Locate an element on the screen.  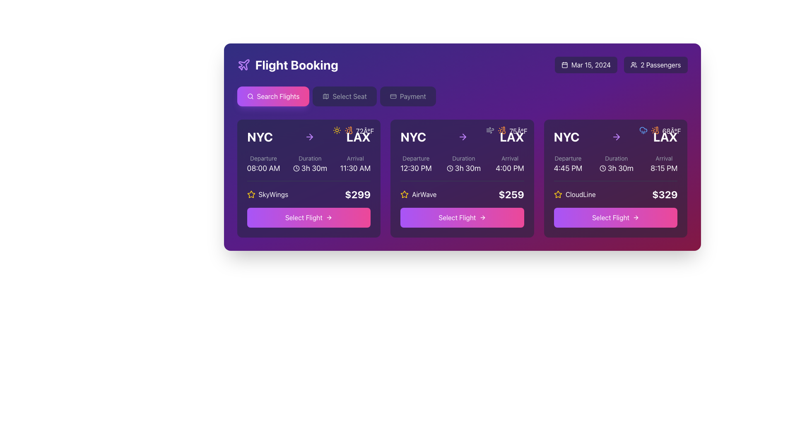
the visual state of the right-aligned chevron icon within the 'Select Flight' button associated with 'AirWave' is located at coordinates (483, 217).